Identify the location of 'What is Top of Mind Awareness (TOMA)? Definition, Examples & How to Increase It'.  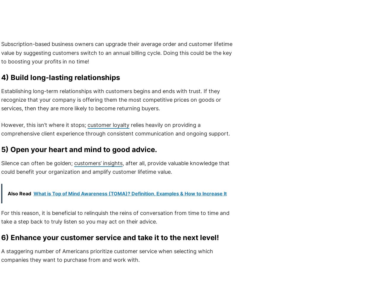
(33, 194).